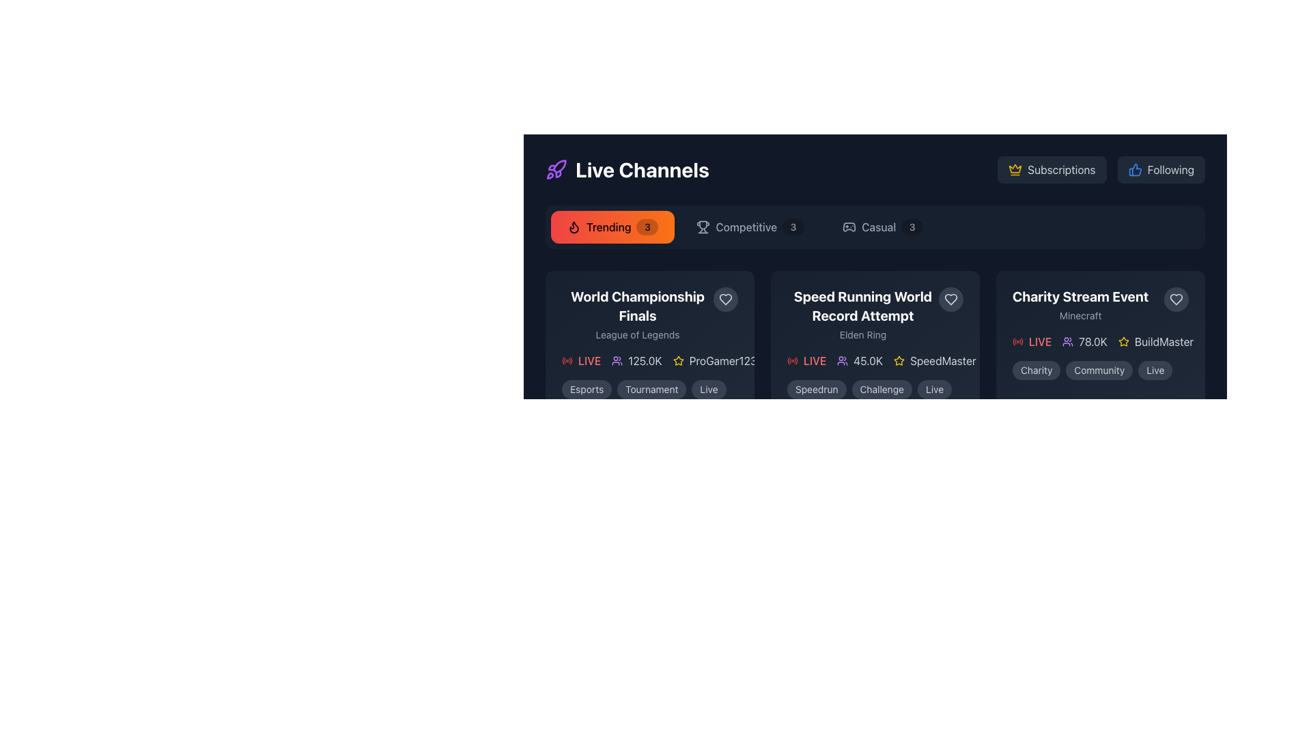 Image resolution: width=1311 pixels, height=737 pixels. What do you see at coordinates (567, 360) in the screenshot?
I see `the red circular icon with pulsating effects indicating live status, located to the immediate left of the 'LIVE' label in the notification section` at bounding box center [567, 360].